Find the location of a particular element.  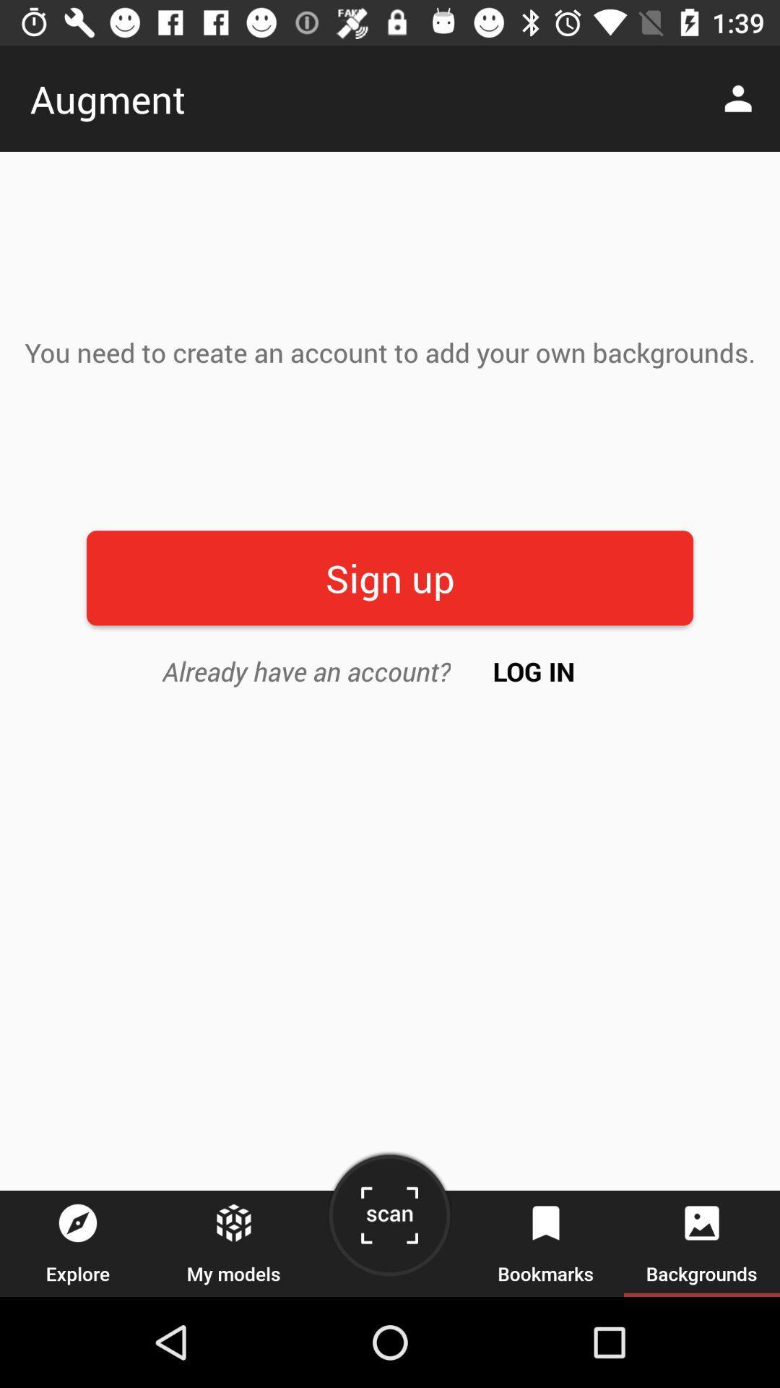

icon above the log in item is located at coordinates (390, 577).